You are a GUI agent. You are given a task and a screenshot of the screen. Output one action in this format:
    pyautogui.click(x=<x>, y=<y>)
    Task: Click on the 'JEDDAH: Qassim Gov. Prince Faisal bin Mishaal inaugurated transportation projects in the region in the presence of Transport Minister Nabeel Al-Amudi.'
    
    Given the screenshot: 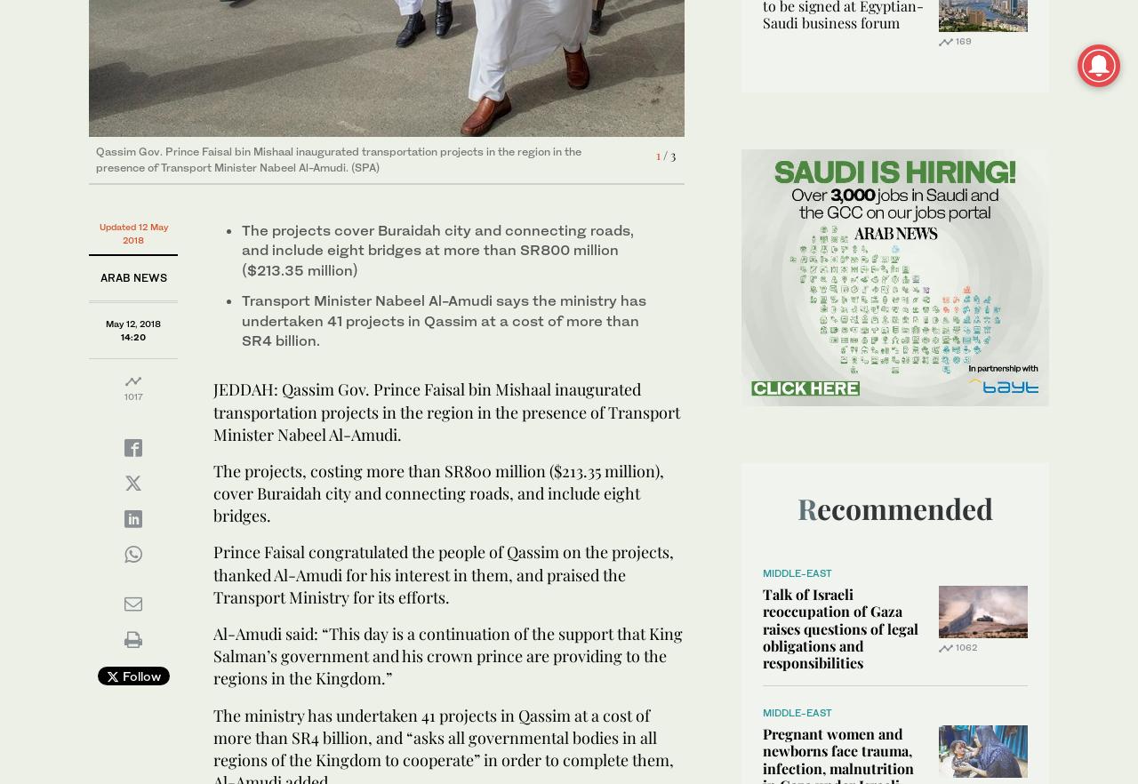 What is the action you would take?
    pyautogui.click(x=446, y=411)
    